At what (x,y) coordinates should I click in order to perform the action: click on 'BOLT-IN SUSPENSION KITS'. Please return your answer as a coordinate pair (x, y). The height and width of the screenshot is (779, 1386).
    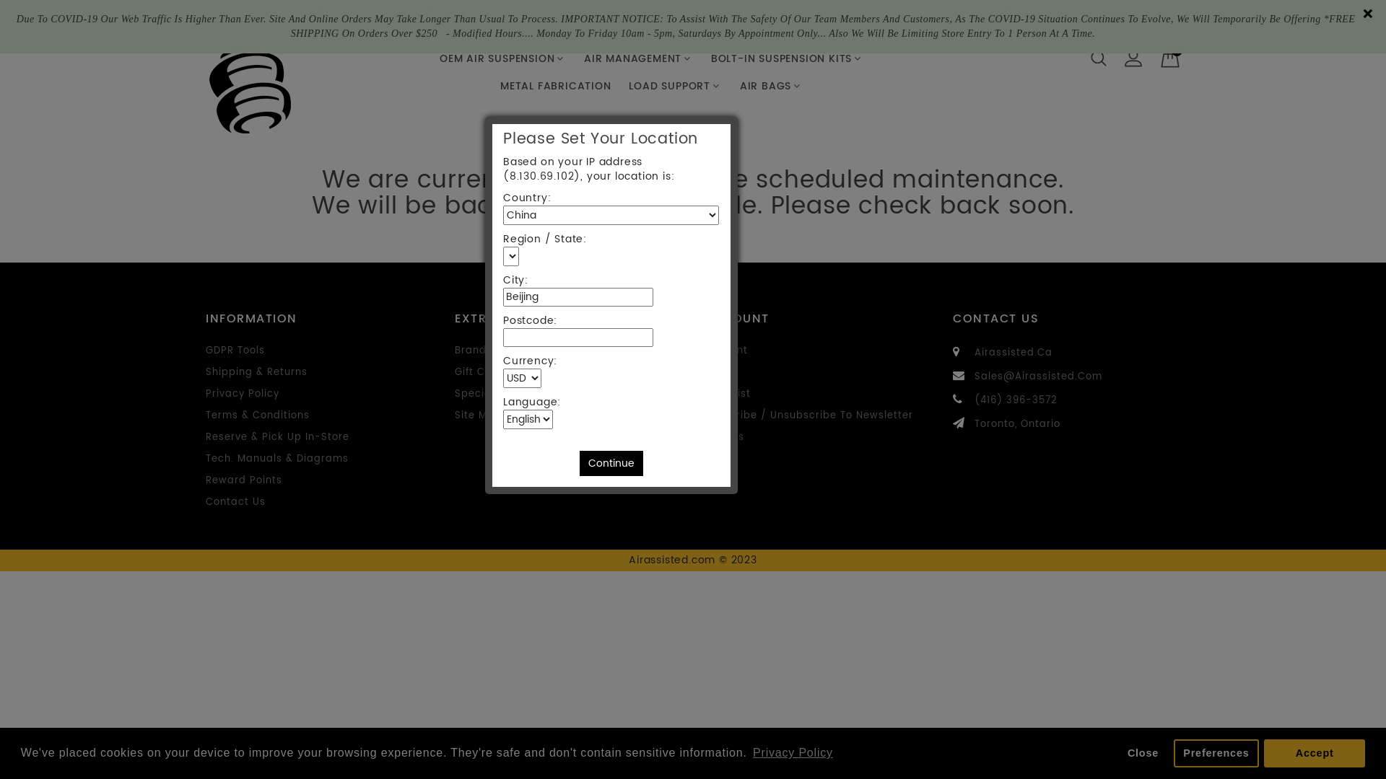
    Looking at the image, I should click on (786, 58).